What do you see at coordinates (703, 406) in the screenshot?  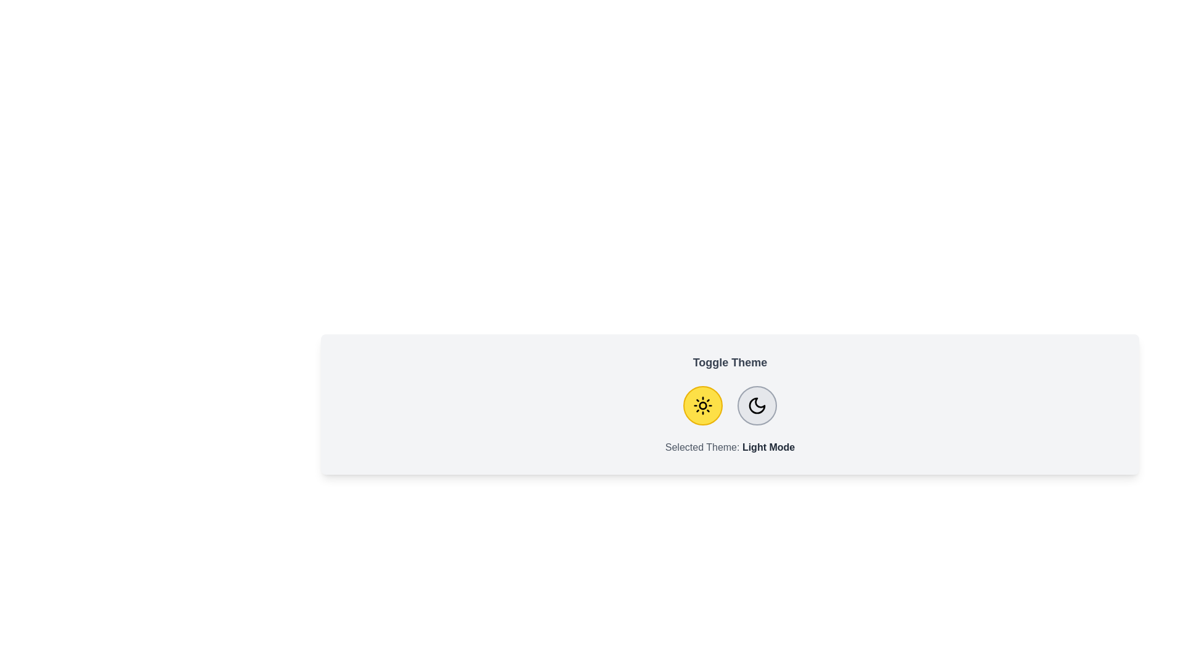 I see `the light button to observe its hover effect` at bounding box center [703, 406].